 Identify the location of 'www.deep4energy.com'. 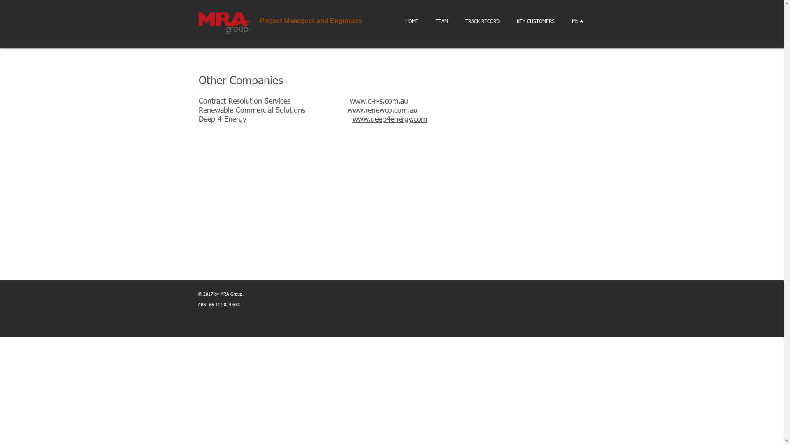
(352, 119).